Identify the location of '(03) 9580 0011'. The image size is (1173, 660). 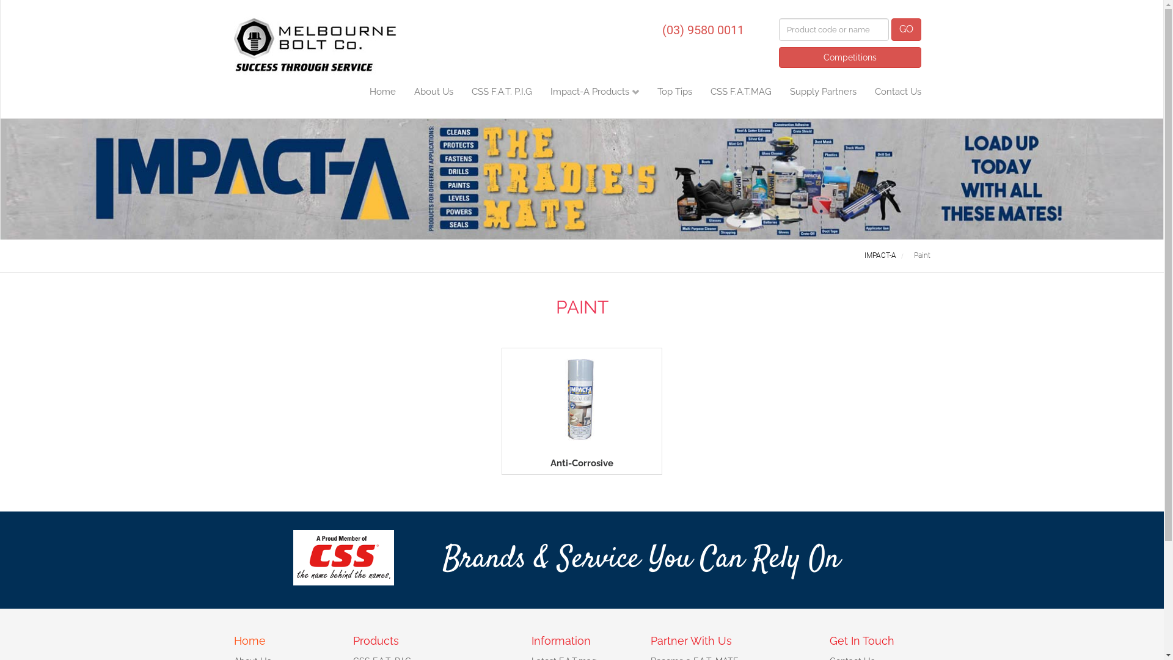
(703, 28).